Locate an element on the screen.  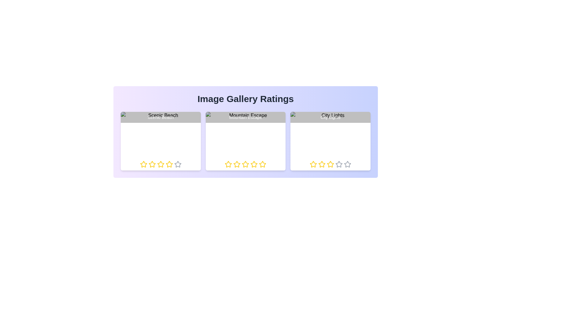
the rating for the image titled 'Mountain Escape' to 1 stars is located at coordinates (224, 164).